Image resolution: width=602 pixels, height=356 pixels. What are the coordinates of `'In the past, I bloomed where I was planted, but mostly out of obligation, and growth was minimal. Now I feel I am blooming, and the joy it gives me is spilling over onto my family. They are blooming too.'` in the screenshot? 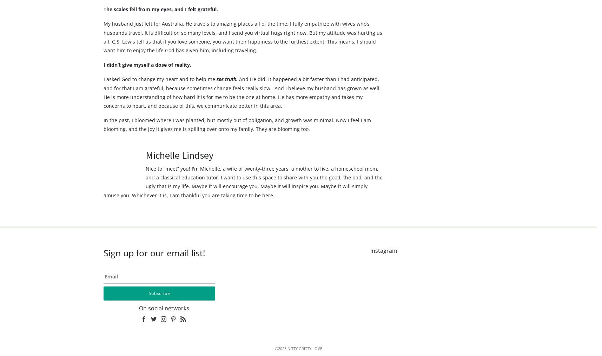 It's located at (237, 138).